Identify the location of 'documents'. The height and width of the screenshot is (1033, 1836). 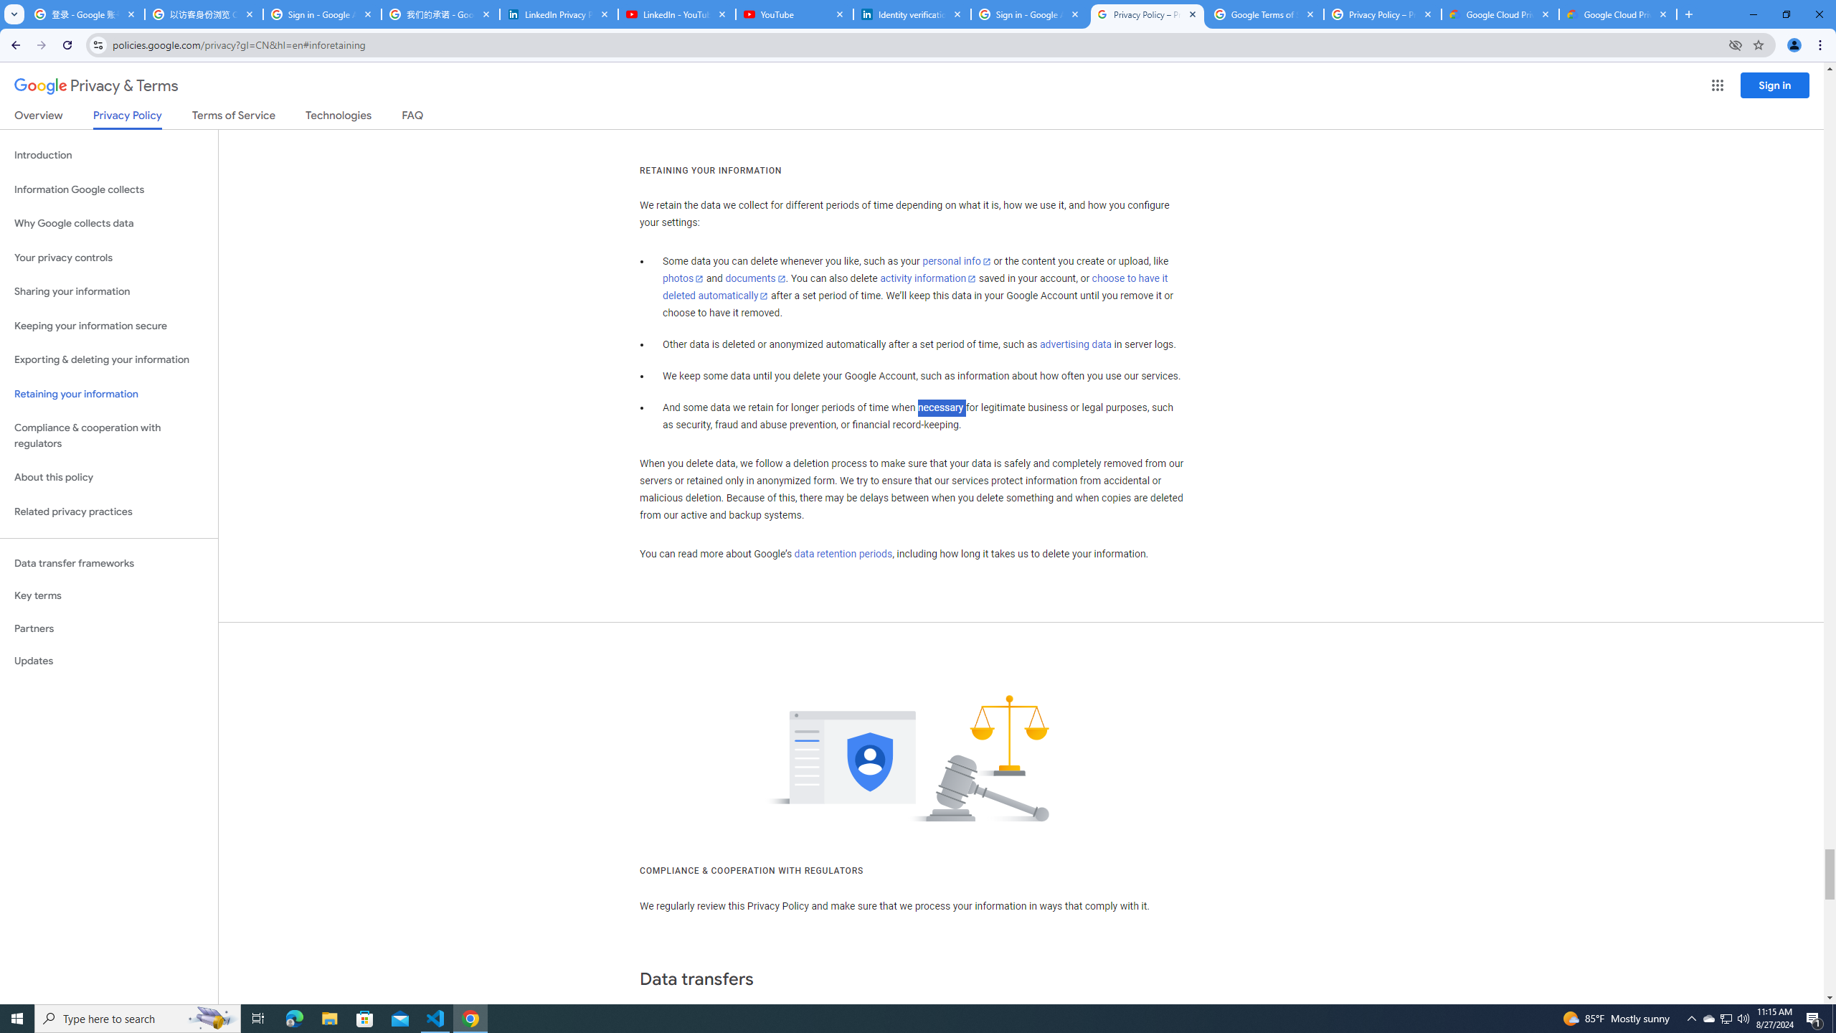
(754, 278).